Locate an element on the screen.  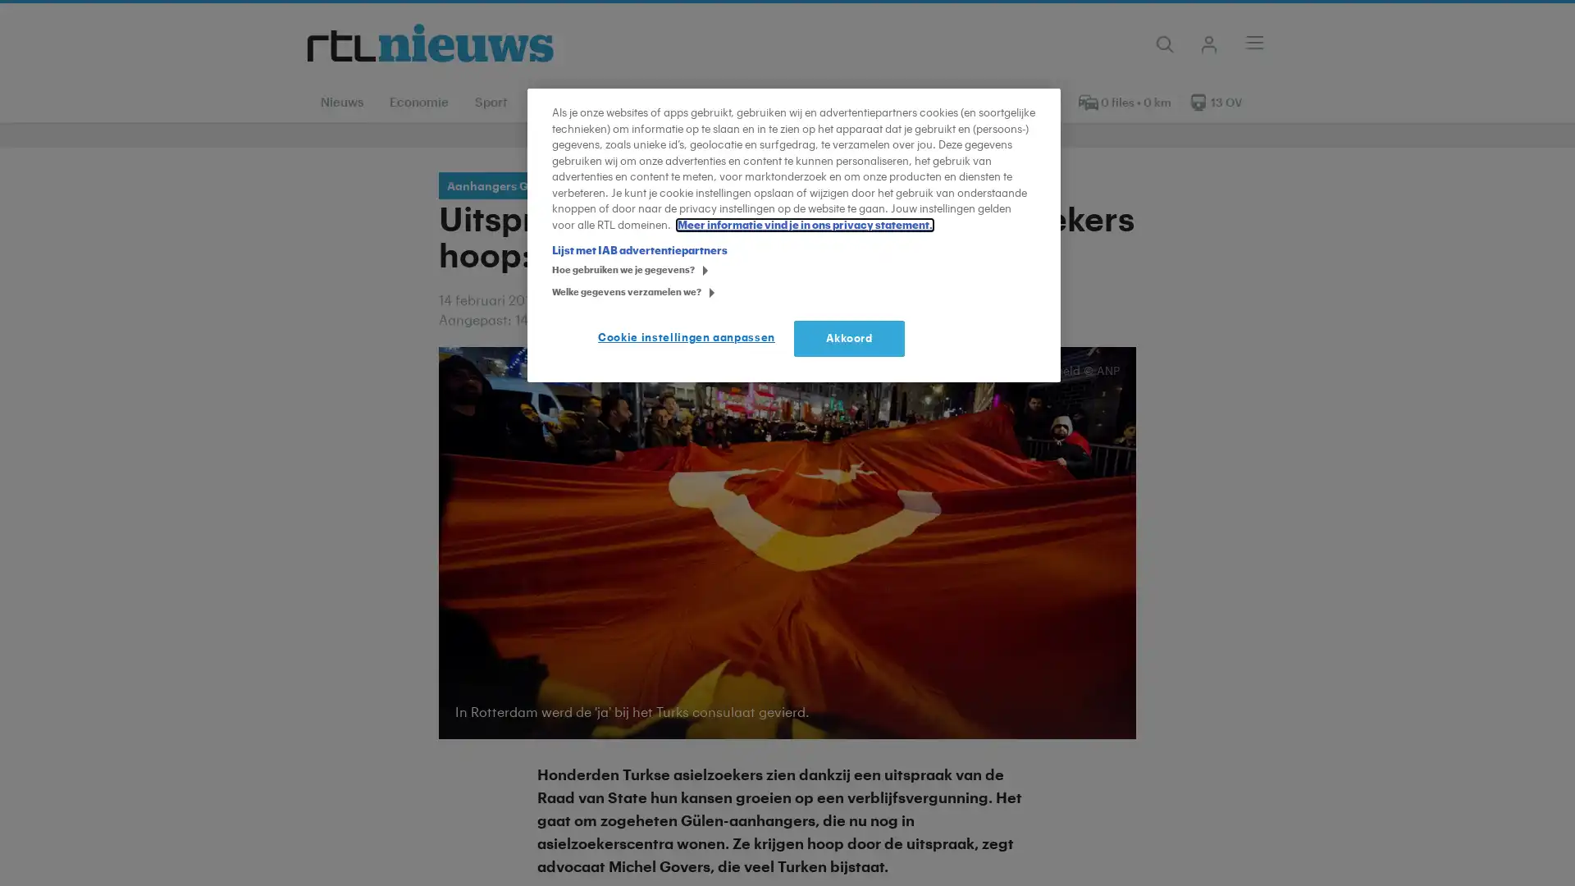
Cookie instellingen aanpassen is located at coordinates (690, 337).